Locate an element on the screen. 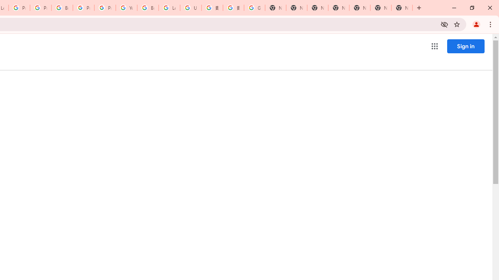 The height and width of the screenshot is (280, 499). 'YouTube' is located at coordinates (126, 8).